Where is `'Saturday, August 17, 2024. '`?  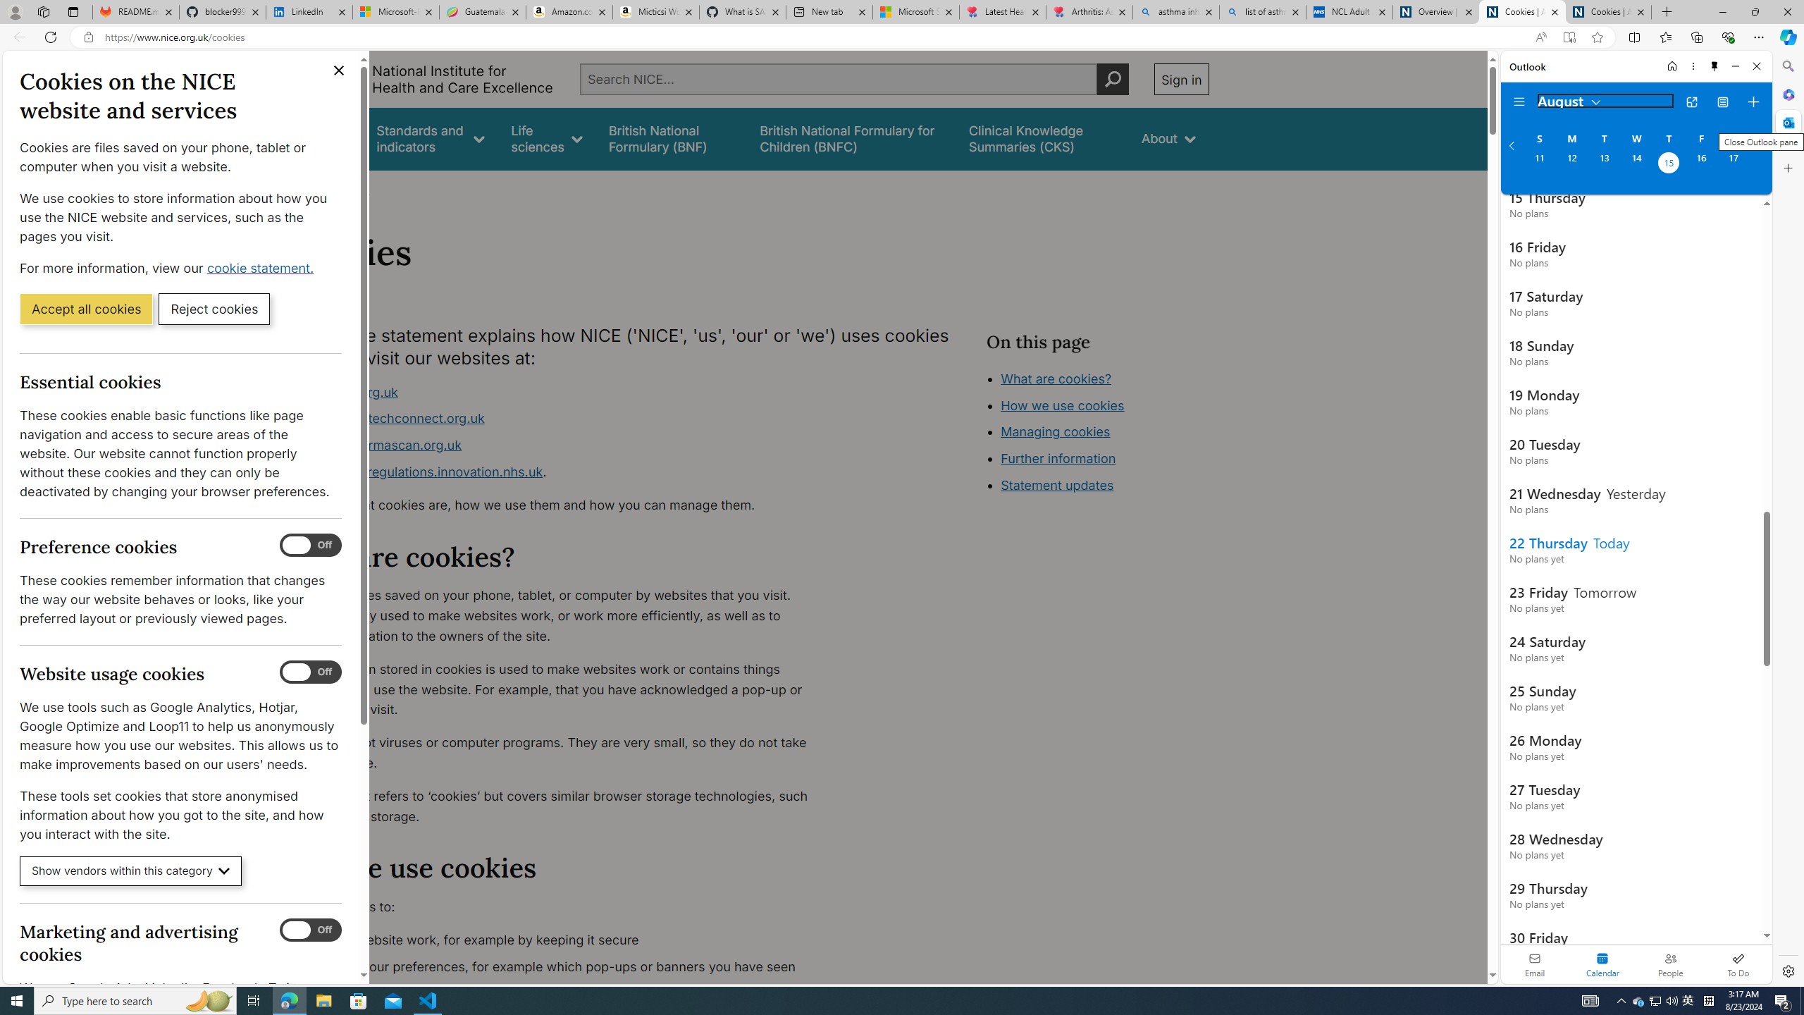
'Saturday, August 17, 2024. ' is located at coordinates (1733, 164).